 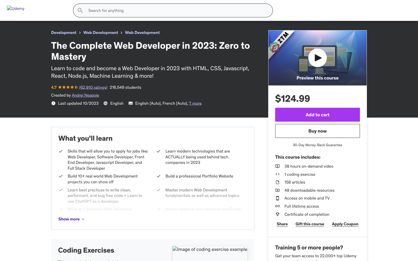 I want to click on Search the first popular topic, so click(x=347, y=30).